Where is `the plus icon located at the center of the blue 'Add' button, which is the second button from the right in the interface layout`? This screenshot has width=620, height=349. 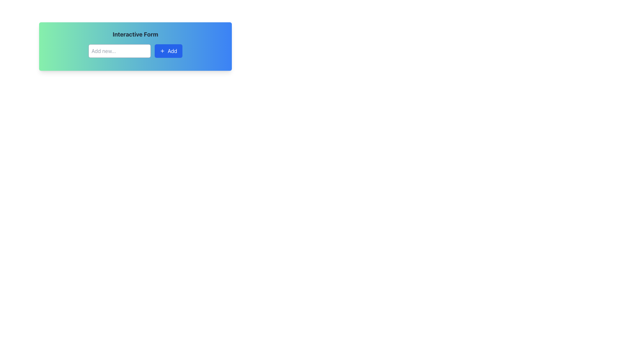 the plus icon located at the center of the blue 'Add' button, which is the second button from the right in the interface layout is located at coordinates (162, 51).